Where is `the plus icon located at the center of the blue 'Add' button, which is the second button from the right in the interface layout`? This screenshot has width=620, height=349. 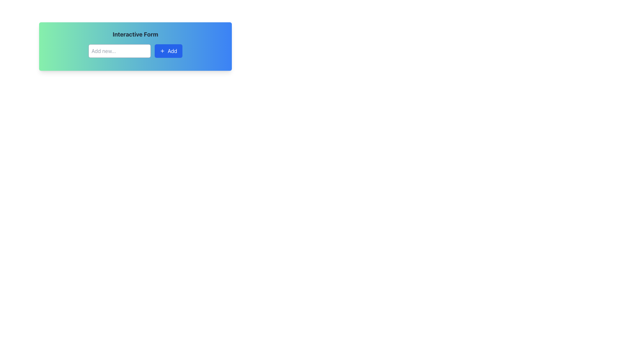 the plus icon located at the center of the blue 'Add' button, which is the second button from the right in the interface layout is located at coordinates (162, 51).